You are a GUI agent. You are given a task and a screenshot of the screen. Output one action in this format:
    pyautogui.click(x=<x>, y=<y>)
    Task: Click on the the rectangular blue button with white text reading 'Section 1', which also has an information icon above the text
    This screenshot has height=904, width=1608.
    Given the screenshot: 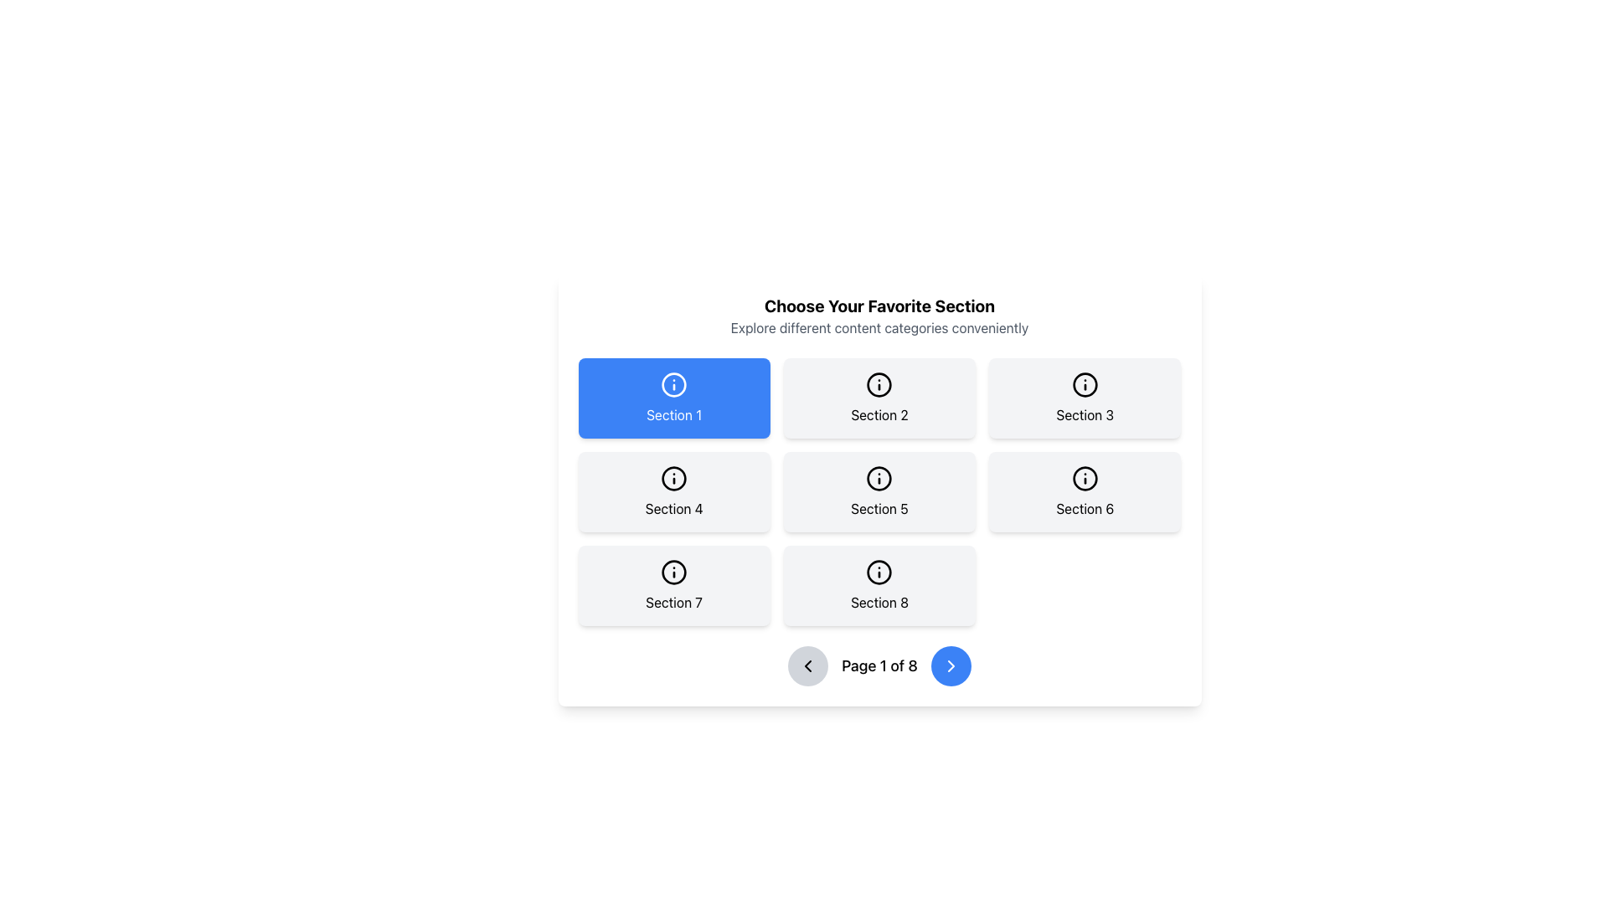 What is the action you would take?
    pyautogui.click(x=674, y=398)
    